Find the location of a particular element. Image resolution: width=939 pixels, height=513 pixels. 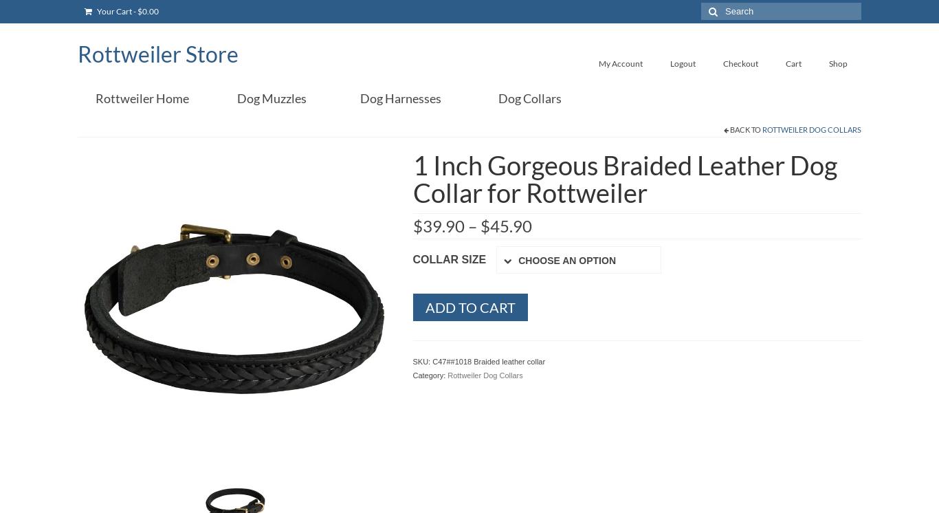

'Category:' is located at coordinates (429, 375).